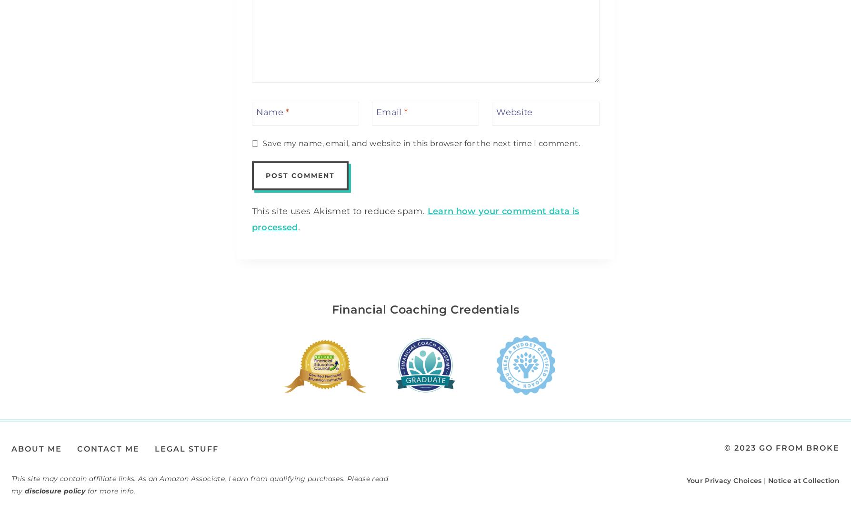 The width and height of the screenshot is (851, 512). Describe the element at coordinates (108, 449) in the screenshot. I see `'Contact Me'` at that location.